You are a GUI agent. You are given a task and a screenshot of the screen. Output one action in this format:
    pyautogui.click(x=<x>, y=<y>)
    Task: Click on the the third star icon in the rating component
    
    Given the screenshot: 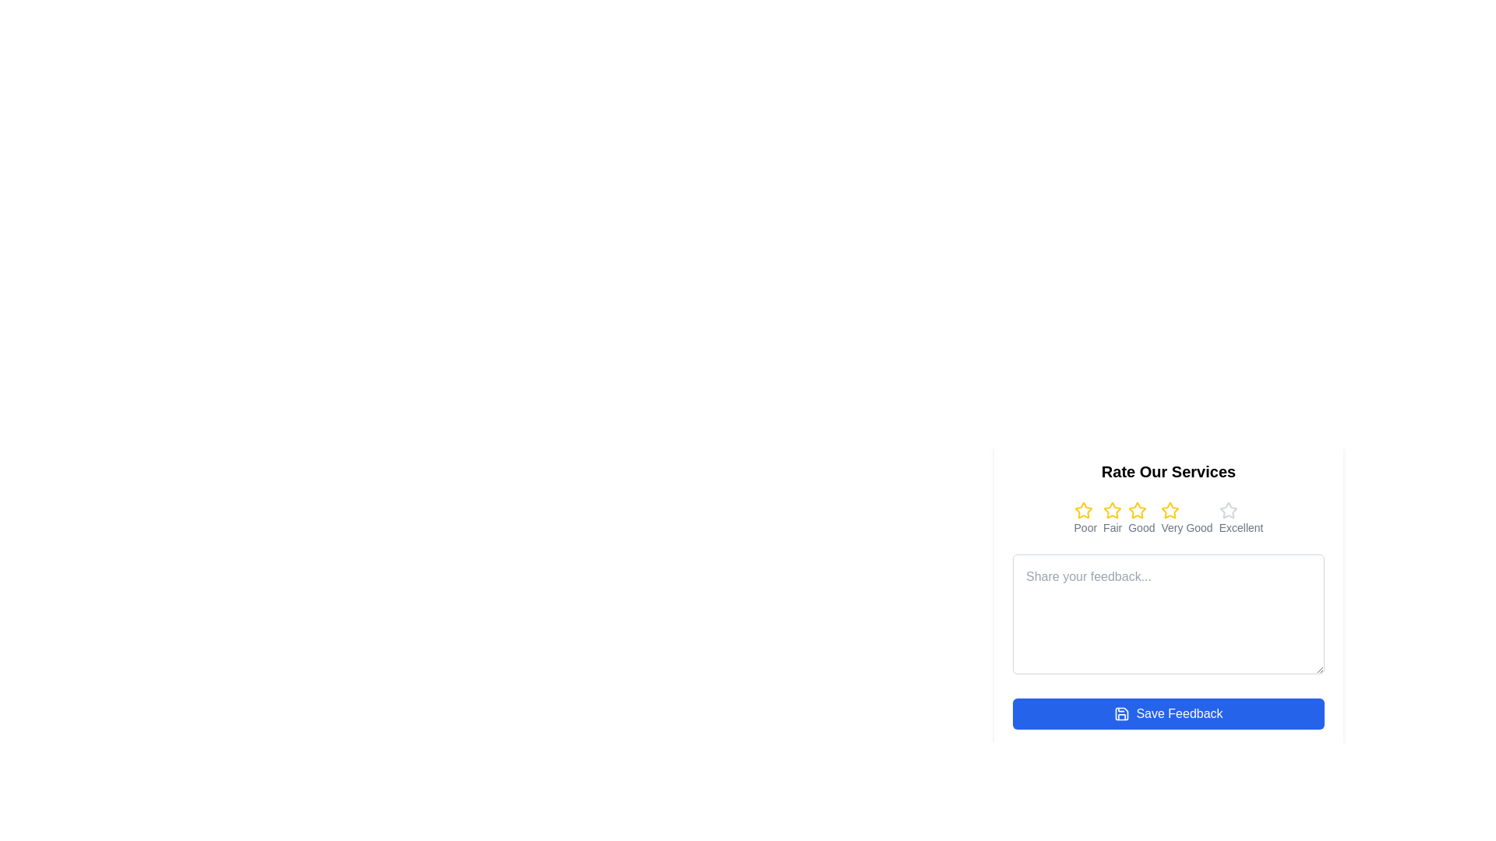 What is the action you would take?
    pyautogui.click(x=1137, y=510)
    